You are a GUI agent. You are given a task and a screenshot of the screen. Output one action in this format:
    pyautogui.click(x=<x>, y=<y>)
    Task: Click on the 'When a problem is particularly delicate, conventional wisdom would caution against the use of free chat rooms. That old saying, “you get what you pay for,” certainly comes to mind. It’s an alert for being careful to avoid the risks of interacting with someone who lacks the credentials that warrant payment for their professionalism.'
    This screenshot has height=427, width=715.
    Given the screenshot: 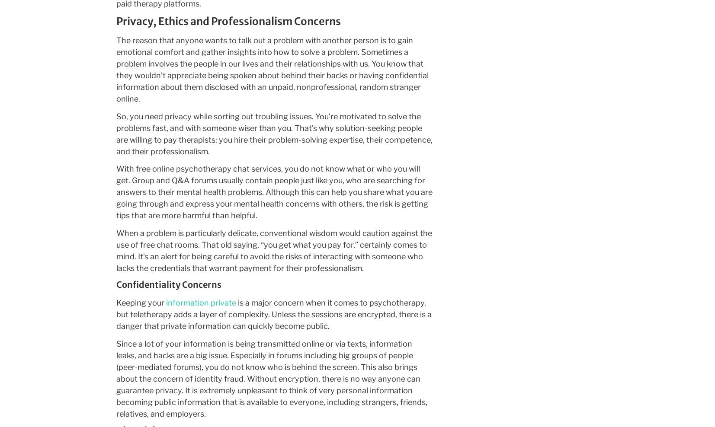 What is the action you would take?
    pyautogui.click(x=273, y=250)
    